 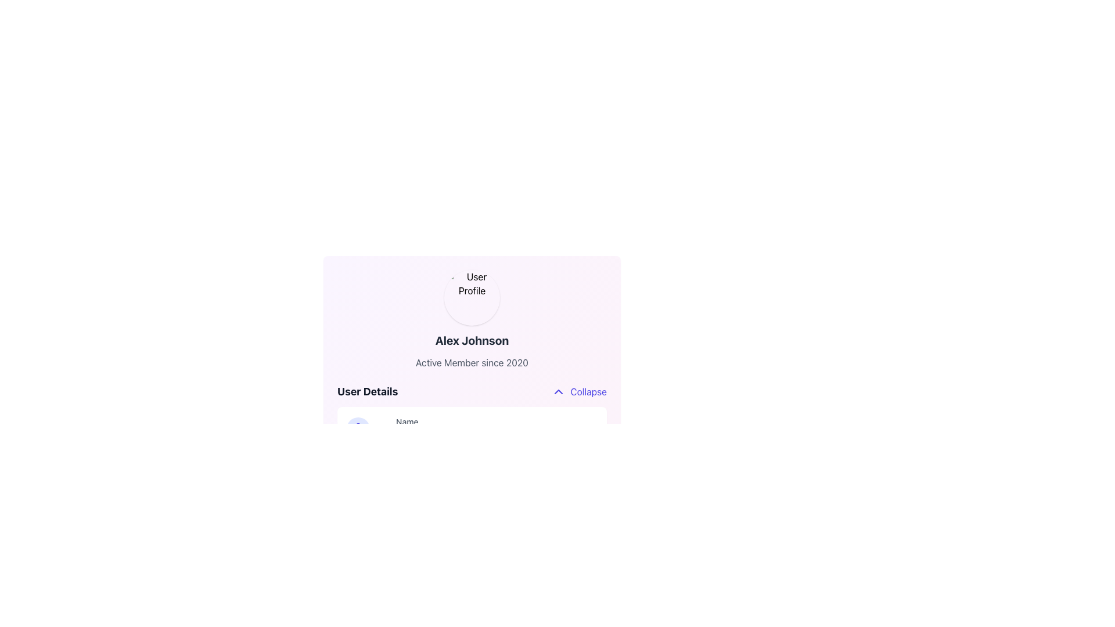 I want to click on the upward-facing chevron icon located to the left of the 'Collapse' label within the interactive component in the bottom-right section of the card-like structure, so click(x=559, y=392).